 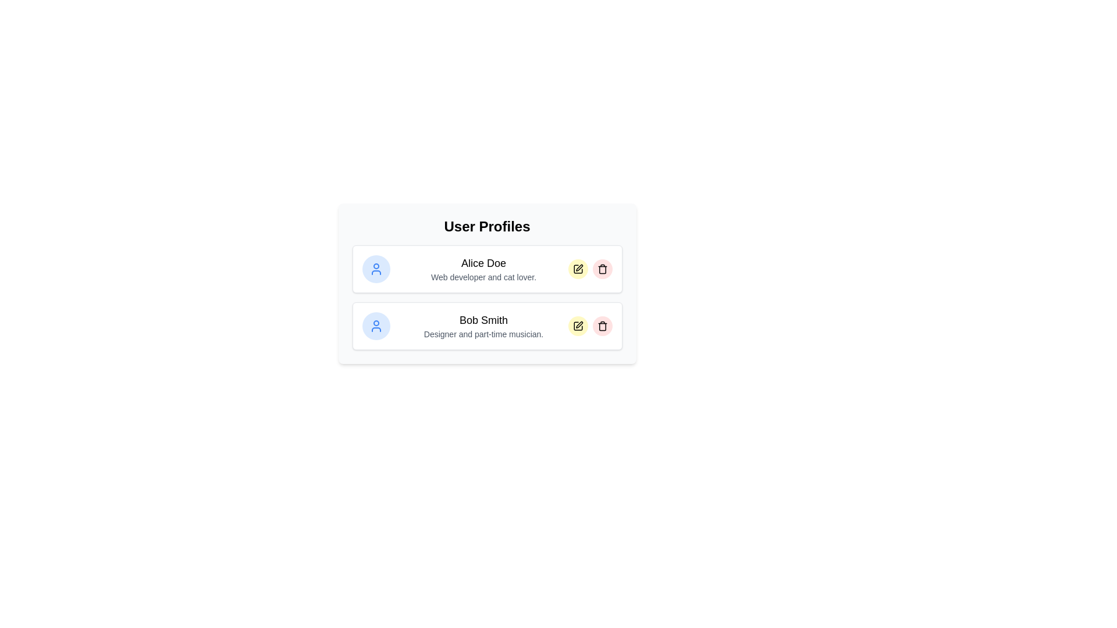 I want to click on the profile avatar of Alice Doe, so click(x=376, y=269).